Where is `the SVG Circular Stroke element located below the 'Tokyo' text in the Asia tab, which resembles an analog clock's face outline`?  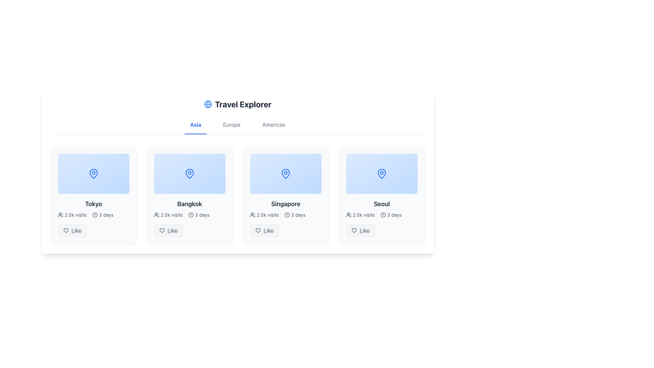
the SVG Circular Stroke element located below the 'Tokyo' text in the Asia tab, which resembles an analog clock's face outline is located at coordinates (94, 215).